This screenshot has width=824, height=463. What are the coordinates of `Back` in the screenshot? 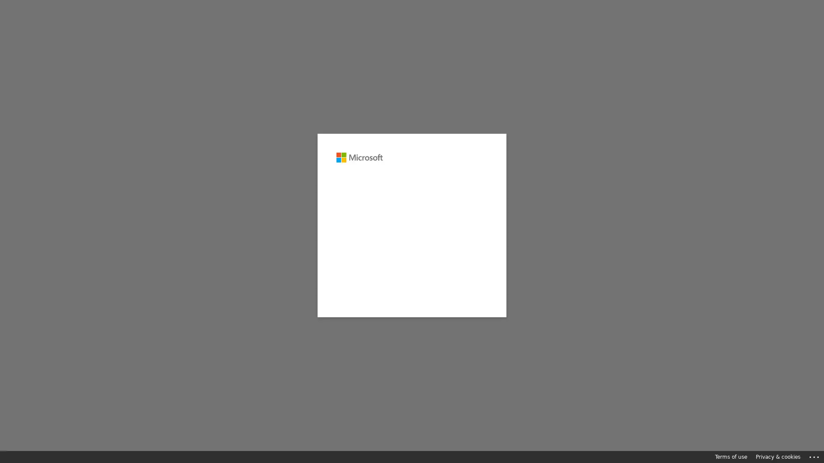 It's located at (416, 216).